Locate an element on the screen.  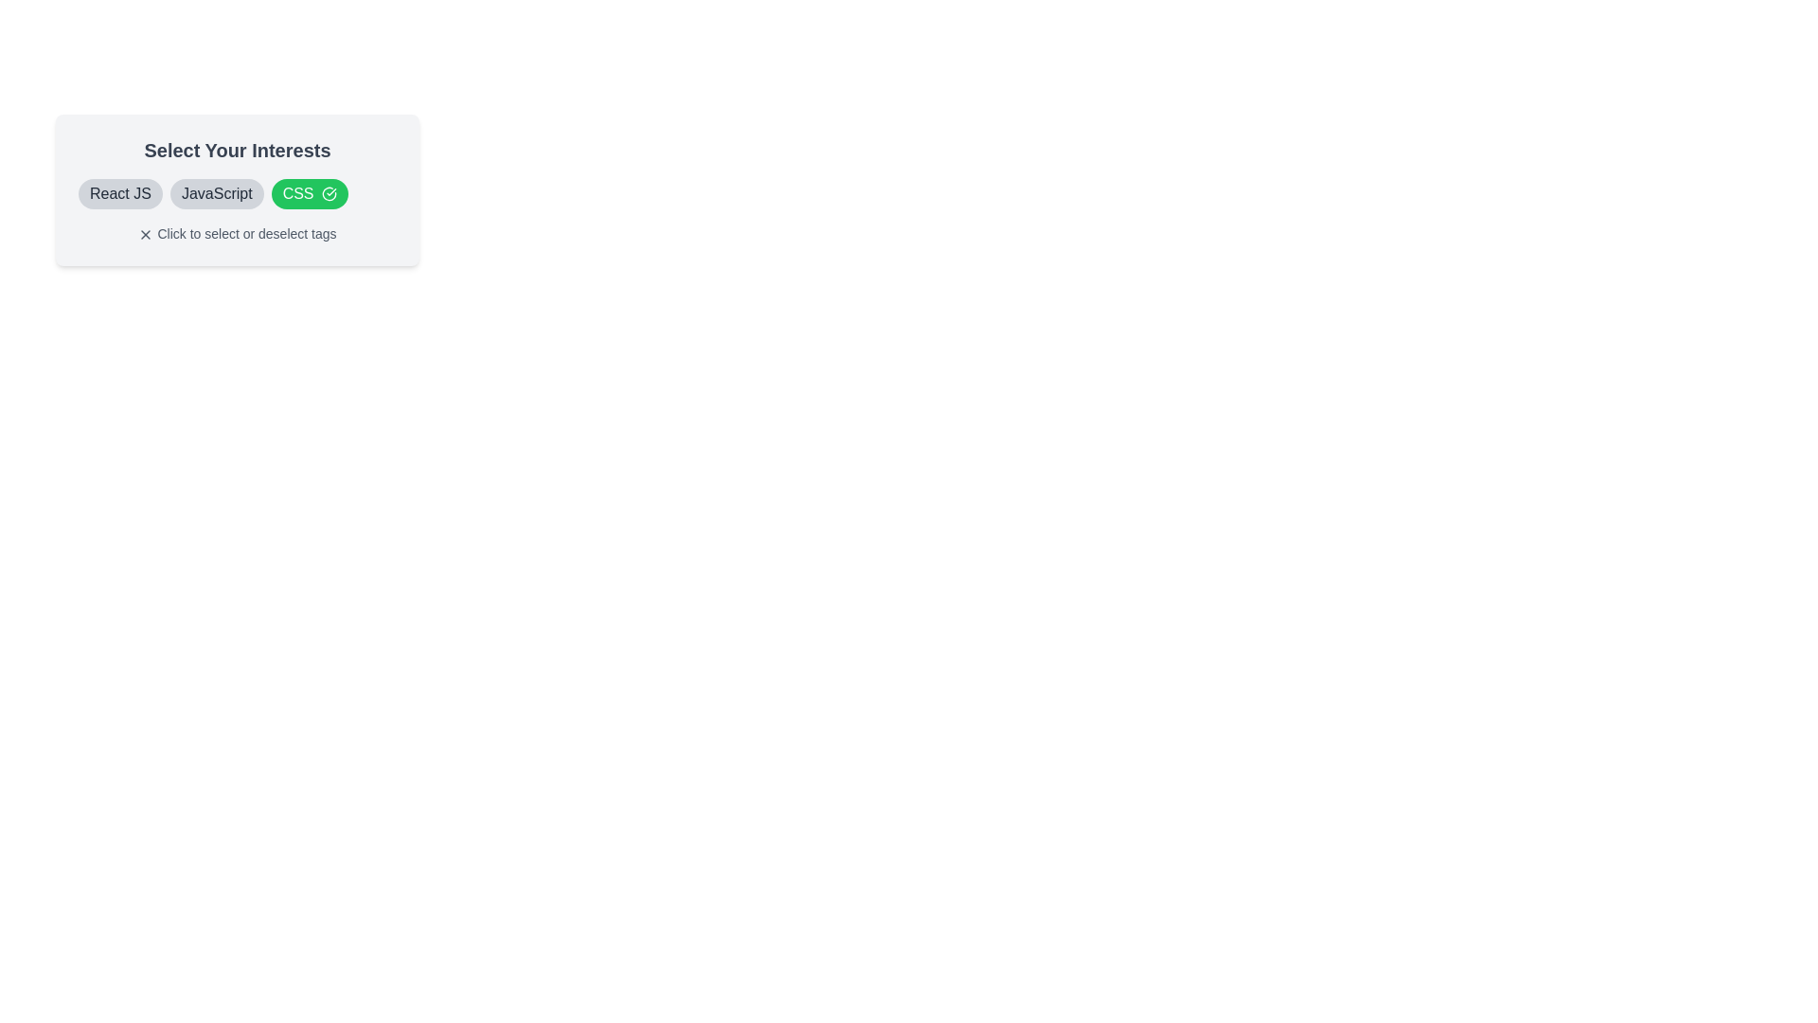
the 'React JS' tag, which is styled with dark text color and is the first tag in a horizontal row under 'Select Your Interests' is located at coordinates (119, 193).